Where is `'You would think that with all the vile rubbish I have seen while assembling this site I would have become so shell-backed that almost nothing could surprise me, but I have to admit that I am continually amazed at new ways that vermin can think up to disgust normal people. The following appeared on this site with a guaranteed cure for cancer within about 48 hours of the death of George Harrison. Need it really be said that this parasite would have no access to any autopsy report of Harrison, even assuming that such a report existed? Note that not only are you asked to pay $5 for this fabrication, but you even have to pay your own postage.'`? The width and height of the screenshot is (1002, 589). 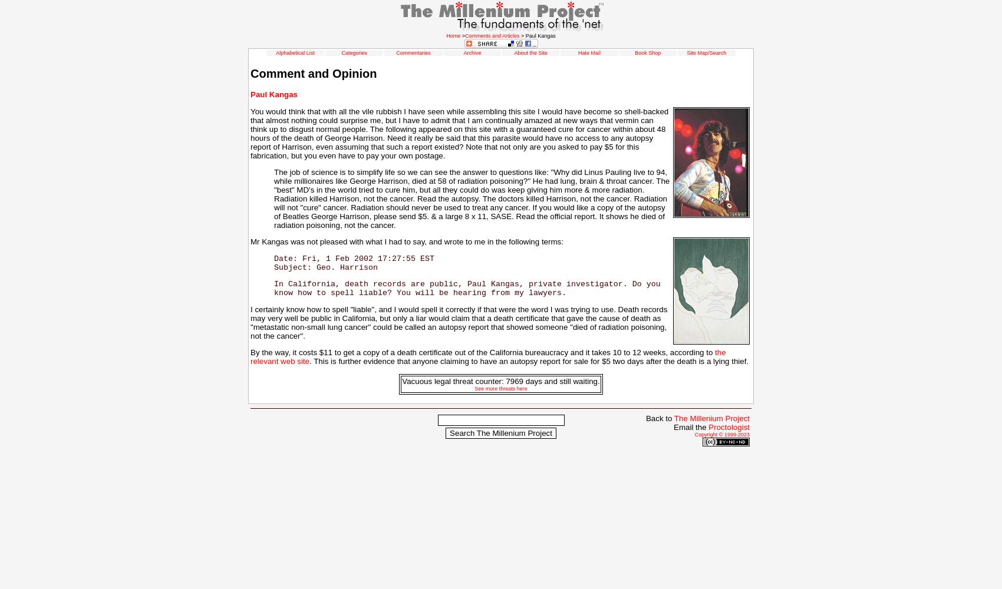
'You would think that with all the vile rubbish I have seen while assembling this site I would have become so shell-backed that almost nothing could surprise me, but I have to admit that I am continually amazed at new ways that vermin can think up to disgust normal people. The following appeared on this site with a guaranteed cure for cancer within about 48 hours of the death of George Harrison. Need it really be said that this parasite would have no access to any autopsy report of Harrison, even assuming that such a report existed? Note that not only are you asked to pay $5 for this fabrication, but you even have to pay your own postage.' is located at coordinates (459, 133).